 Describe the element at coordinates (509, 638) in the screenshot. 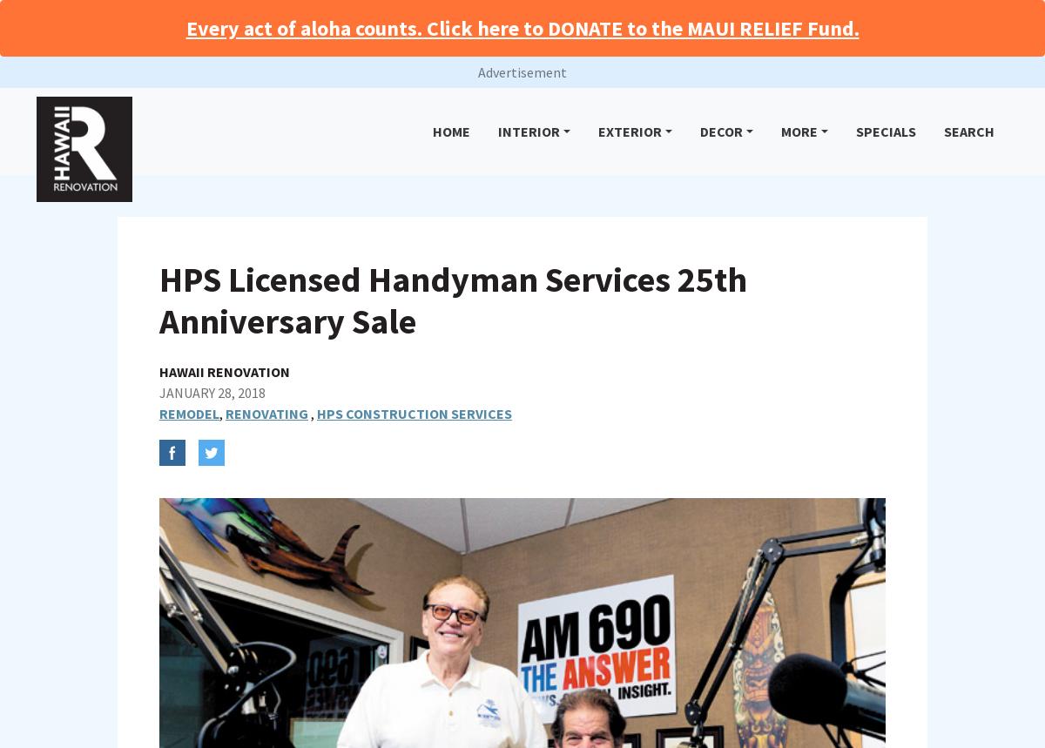

I see `'HPS Construction is a top rated member of Better Business Bureau Hawaii, Building Industry Association of Hawaii and more.'` at that location.